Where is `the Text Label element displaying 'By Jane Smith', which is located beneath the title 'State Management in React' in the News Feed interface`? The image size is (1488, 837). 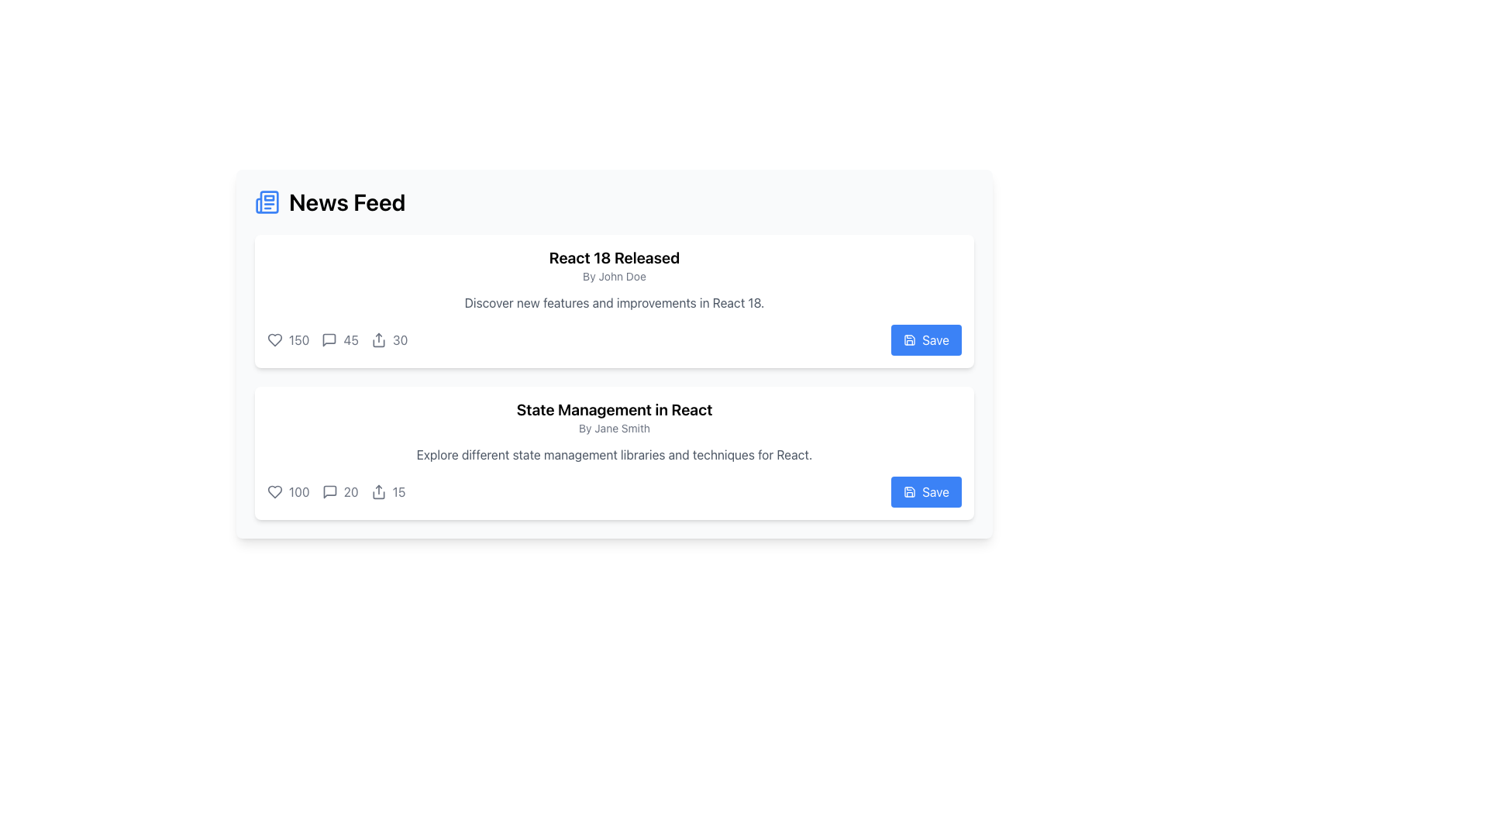 the Text Label element displaying 'By Jane Smith', which is located beneath the title 'State Management in React' in the News Feed interface is located at coordinates (613, 428).